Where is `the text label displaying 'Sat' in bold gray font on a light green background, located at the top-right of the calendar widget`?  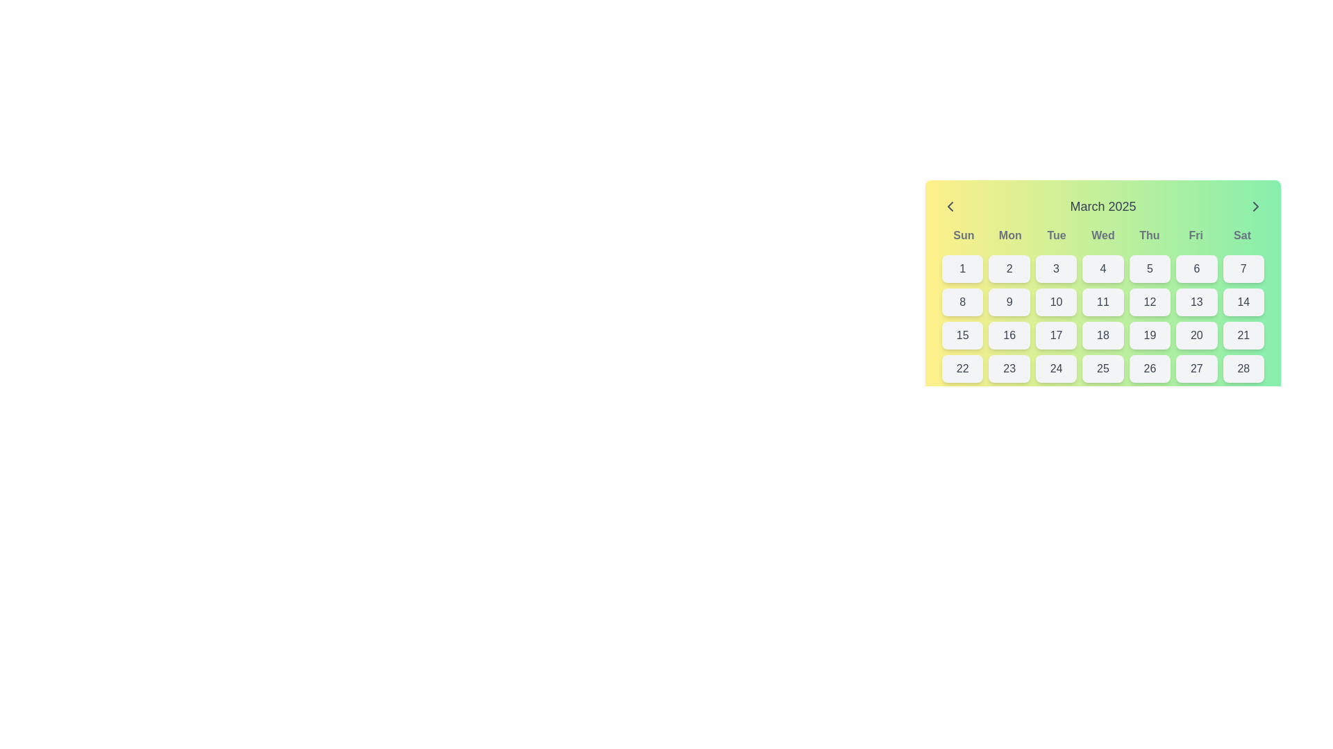
the text label displaying 'Sat' in bold gray font on a light green background, located at the top-right of the calendar widget is located at coordinates (1242, 234).